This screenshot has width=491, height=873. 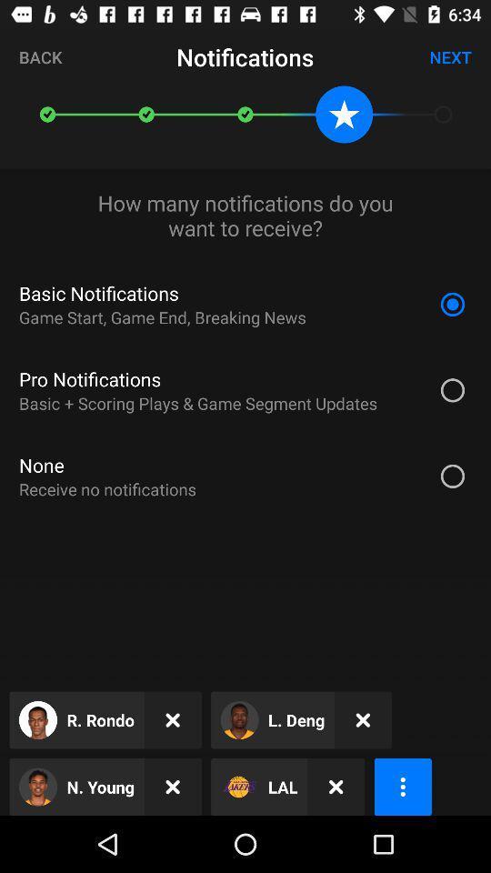 What do you see at coordinates (449, 56) in the screenshot?
I see `the icon next to notifications icon` at bounding box center [449, 56].